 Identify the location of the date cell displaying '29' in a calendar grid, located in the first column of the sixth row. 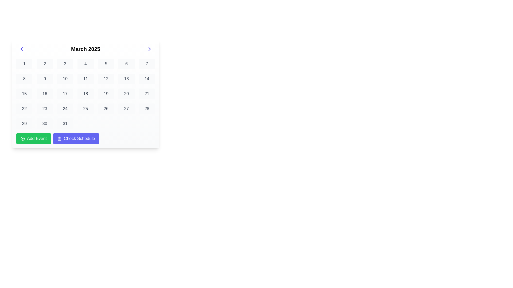
(24, 123).